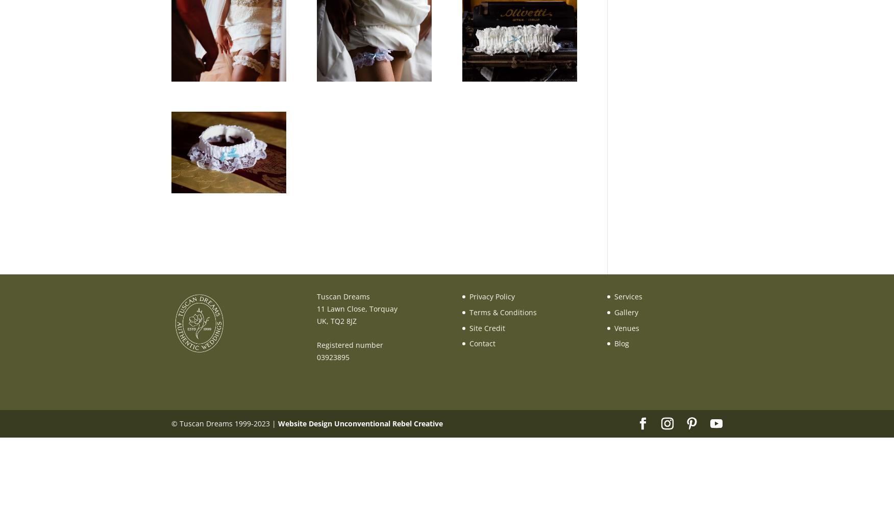 The width and height of the screenshot is (894, 510). What do you see at coordinates (225, 423) in the screenshot?
I see `'© Tuscan Dreams 1999-2023 |'` at bounding box center [225, 423].